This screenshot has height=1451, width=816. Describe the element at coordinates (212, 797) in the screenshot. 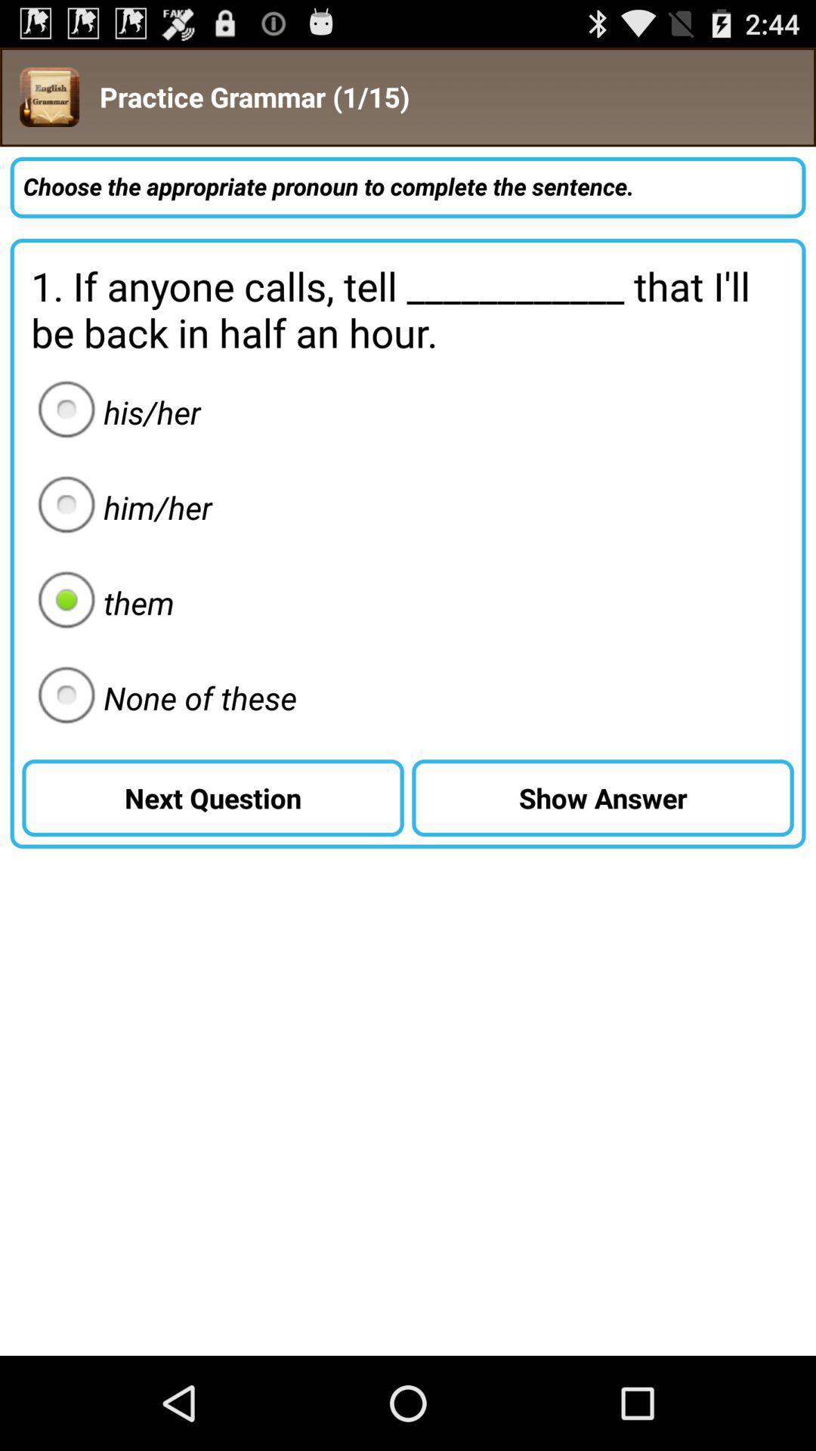

I see `the button to the left of the show answer item` at that location.